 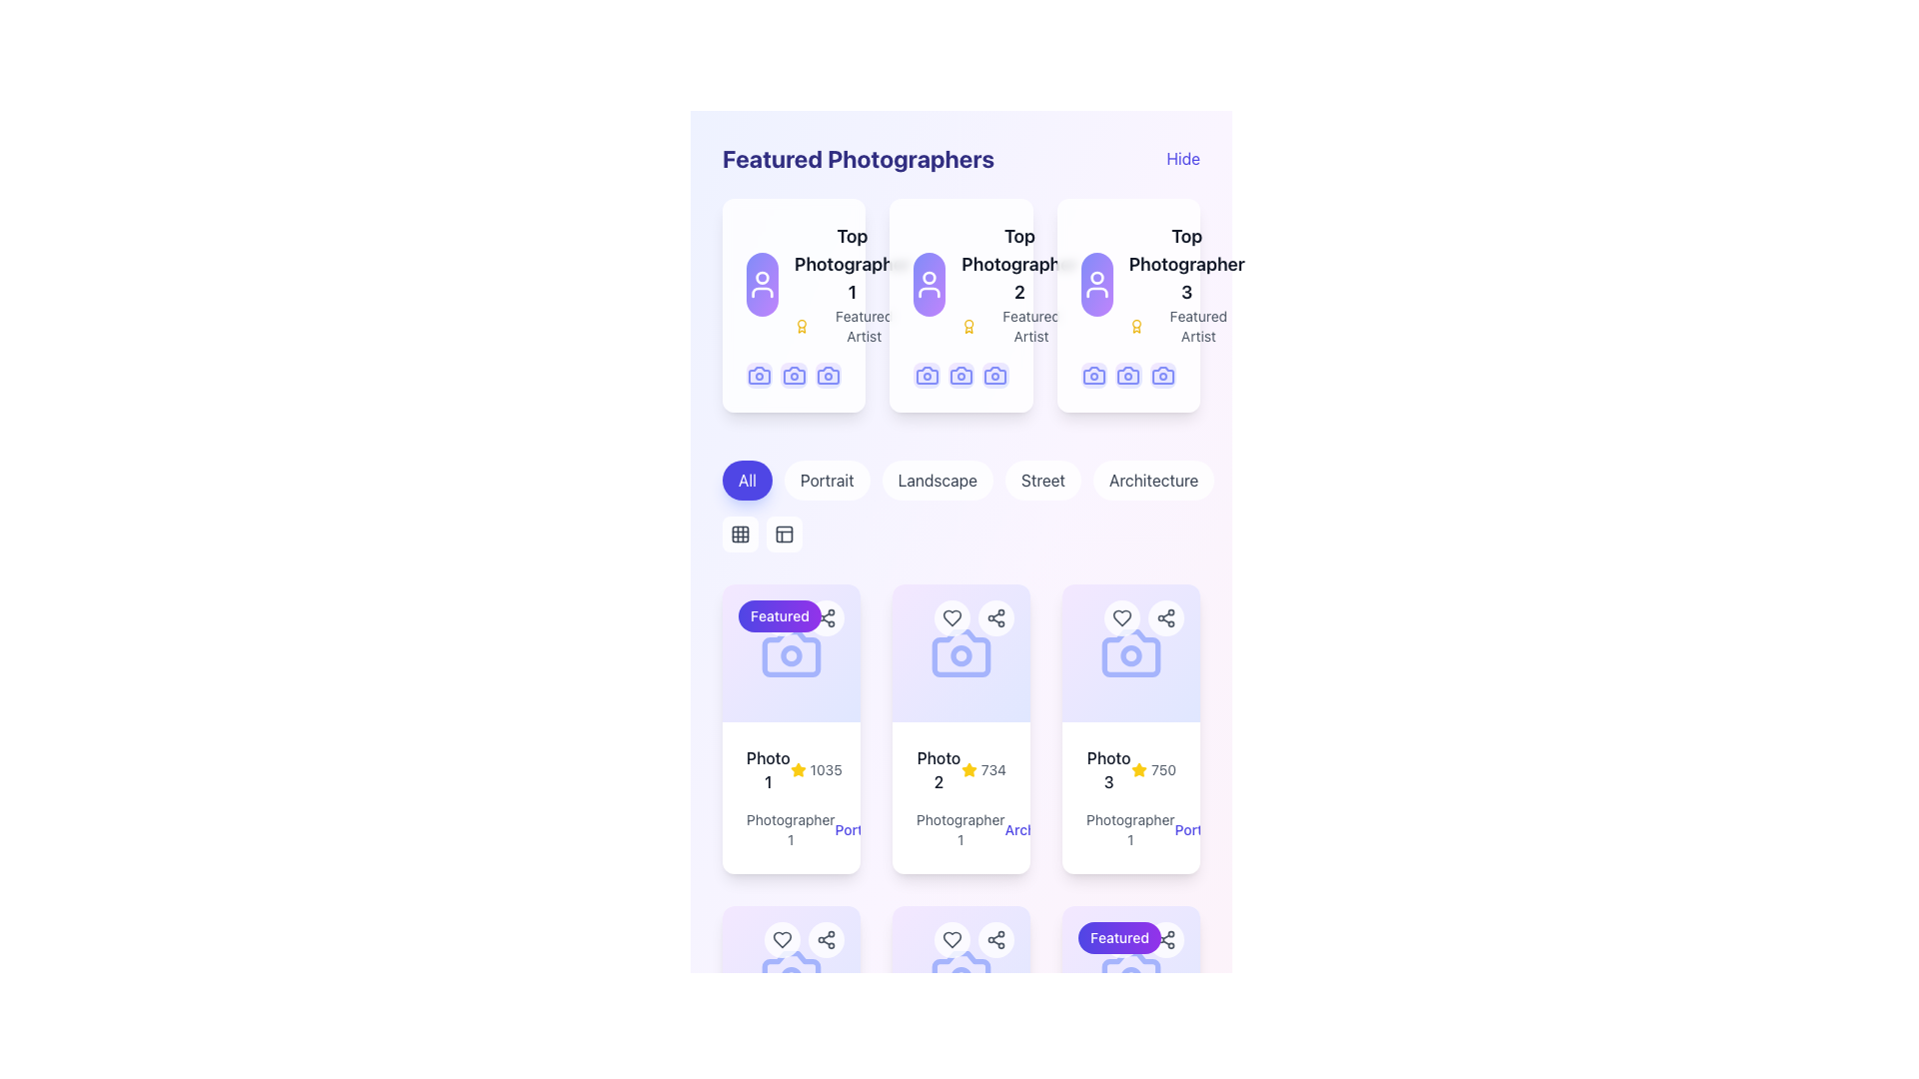 I want to click on the card containing the three light blue camera icons arranged horizontally, located in the middle of the 'Featured Photographers' section, so click(x=960, y=376).